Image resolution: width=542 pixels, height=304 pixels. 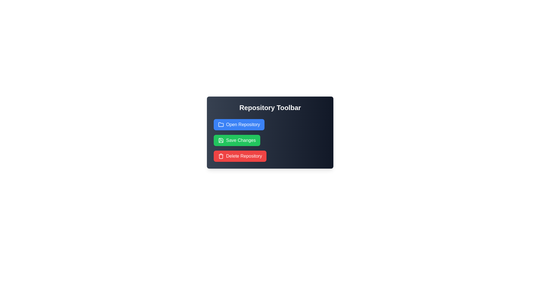 What do you see at coordinates (243, 124) in the screenshot?
I see `text content of the 'Open Repository' text label, which is displayed with white text on a blue background next to a folder icon in the Repository Toolbar interface` at bounding box center [243, 124].